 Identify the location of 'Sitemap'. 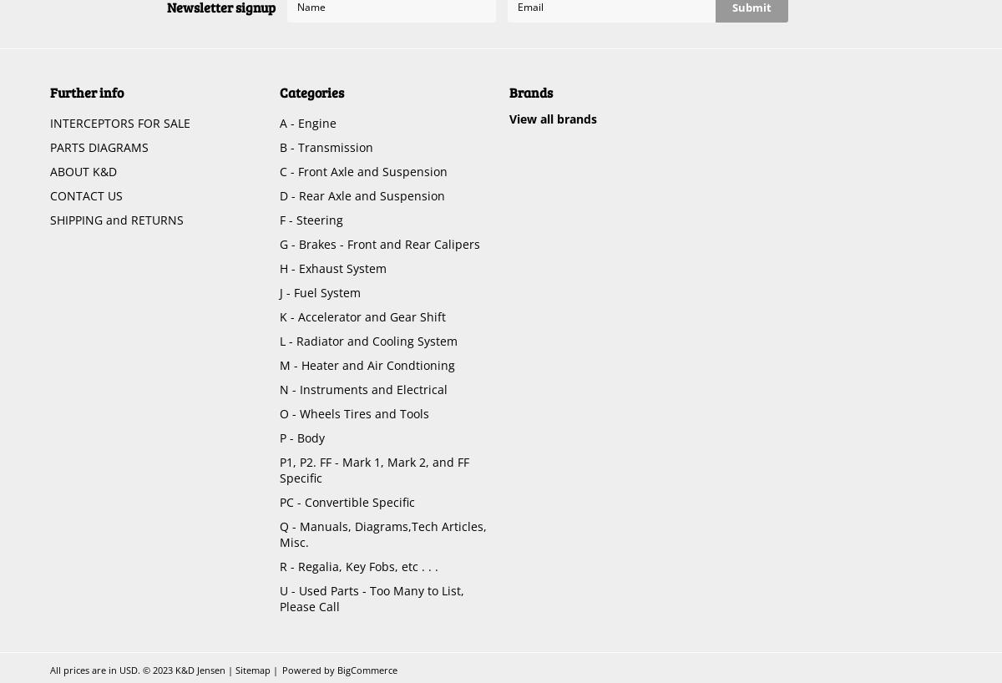
(253, 670).